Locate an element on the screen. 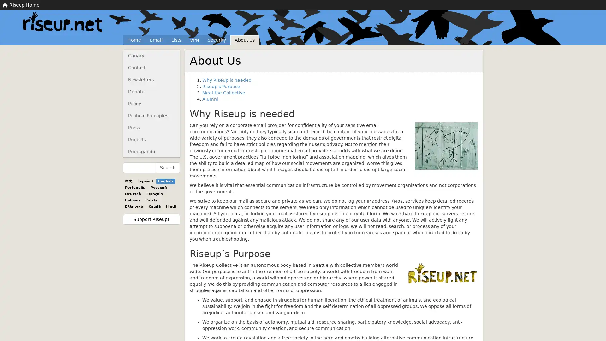 This screenshot has width=606, height=341. Search is located at coordinates (168, 167).